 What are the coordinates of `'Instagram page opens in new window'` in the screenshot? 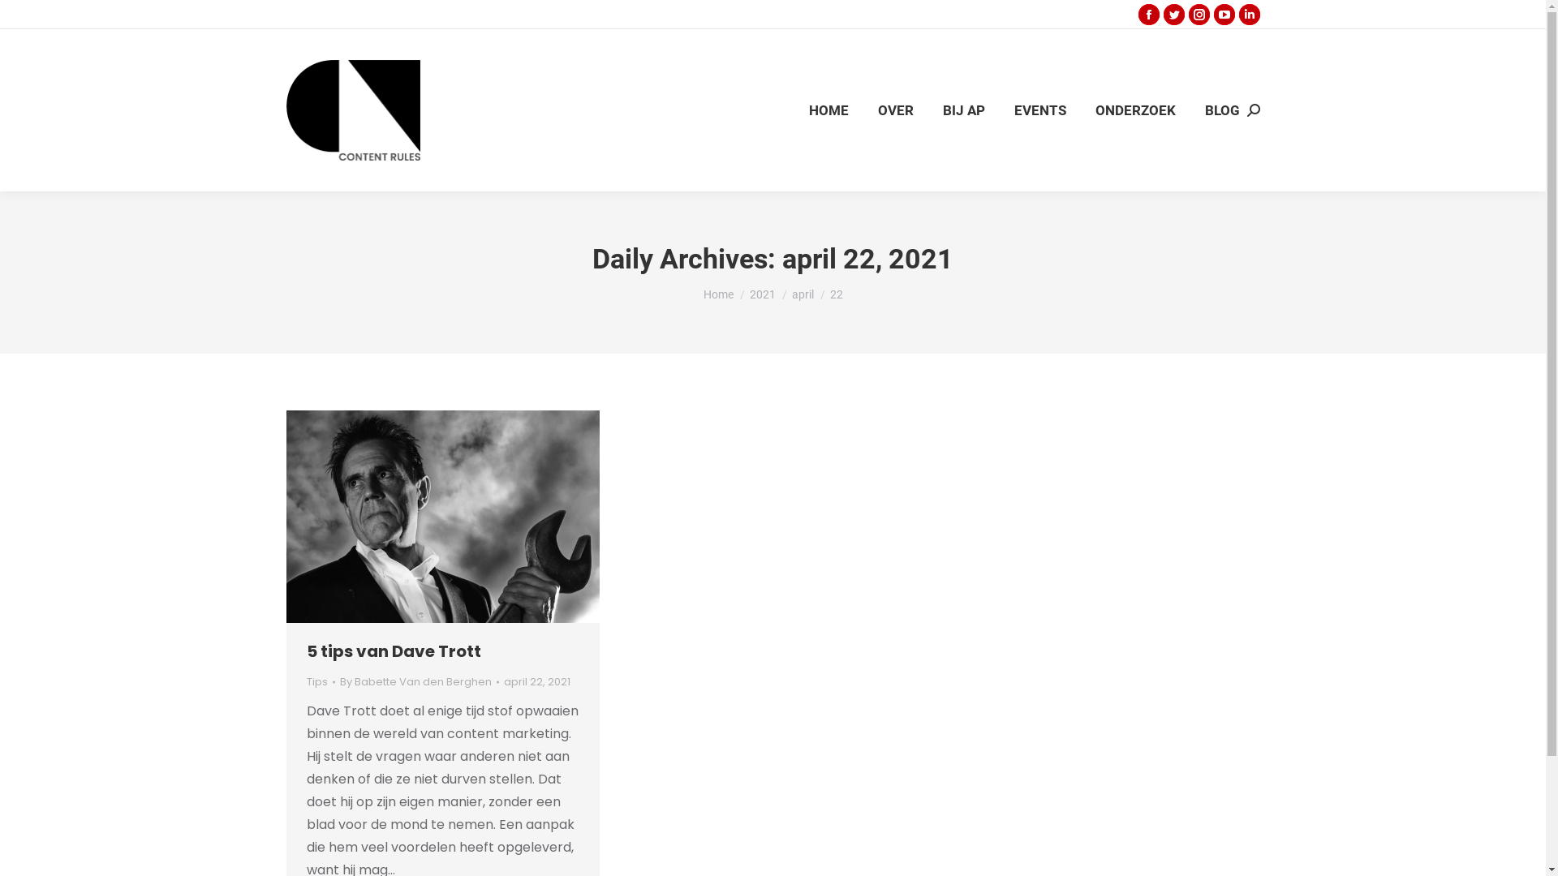 It's located at (1199, 15).